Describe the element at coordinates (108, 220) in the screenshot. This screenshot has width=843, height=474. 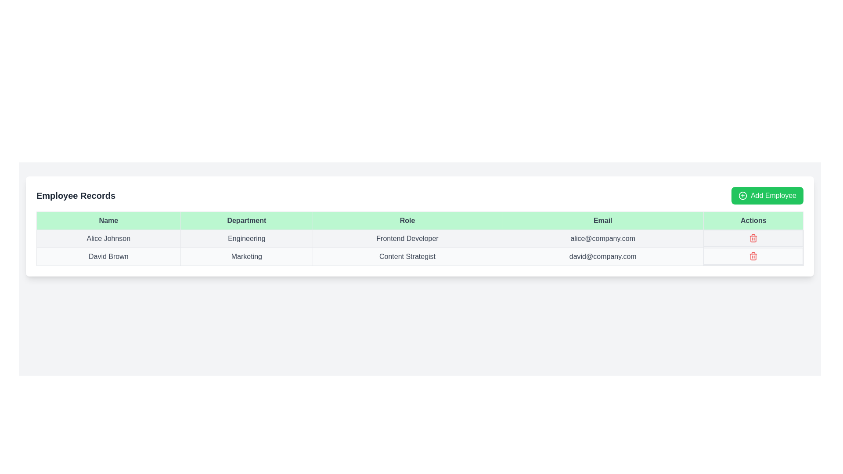
I see `the 'Name' header label in the table, which is the first element in the header row, positioned at the top-left corner` at that location.